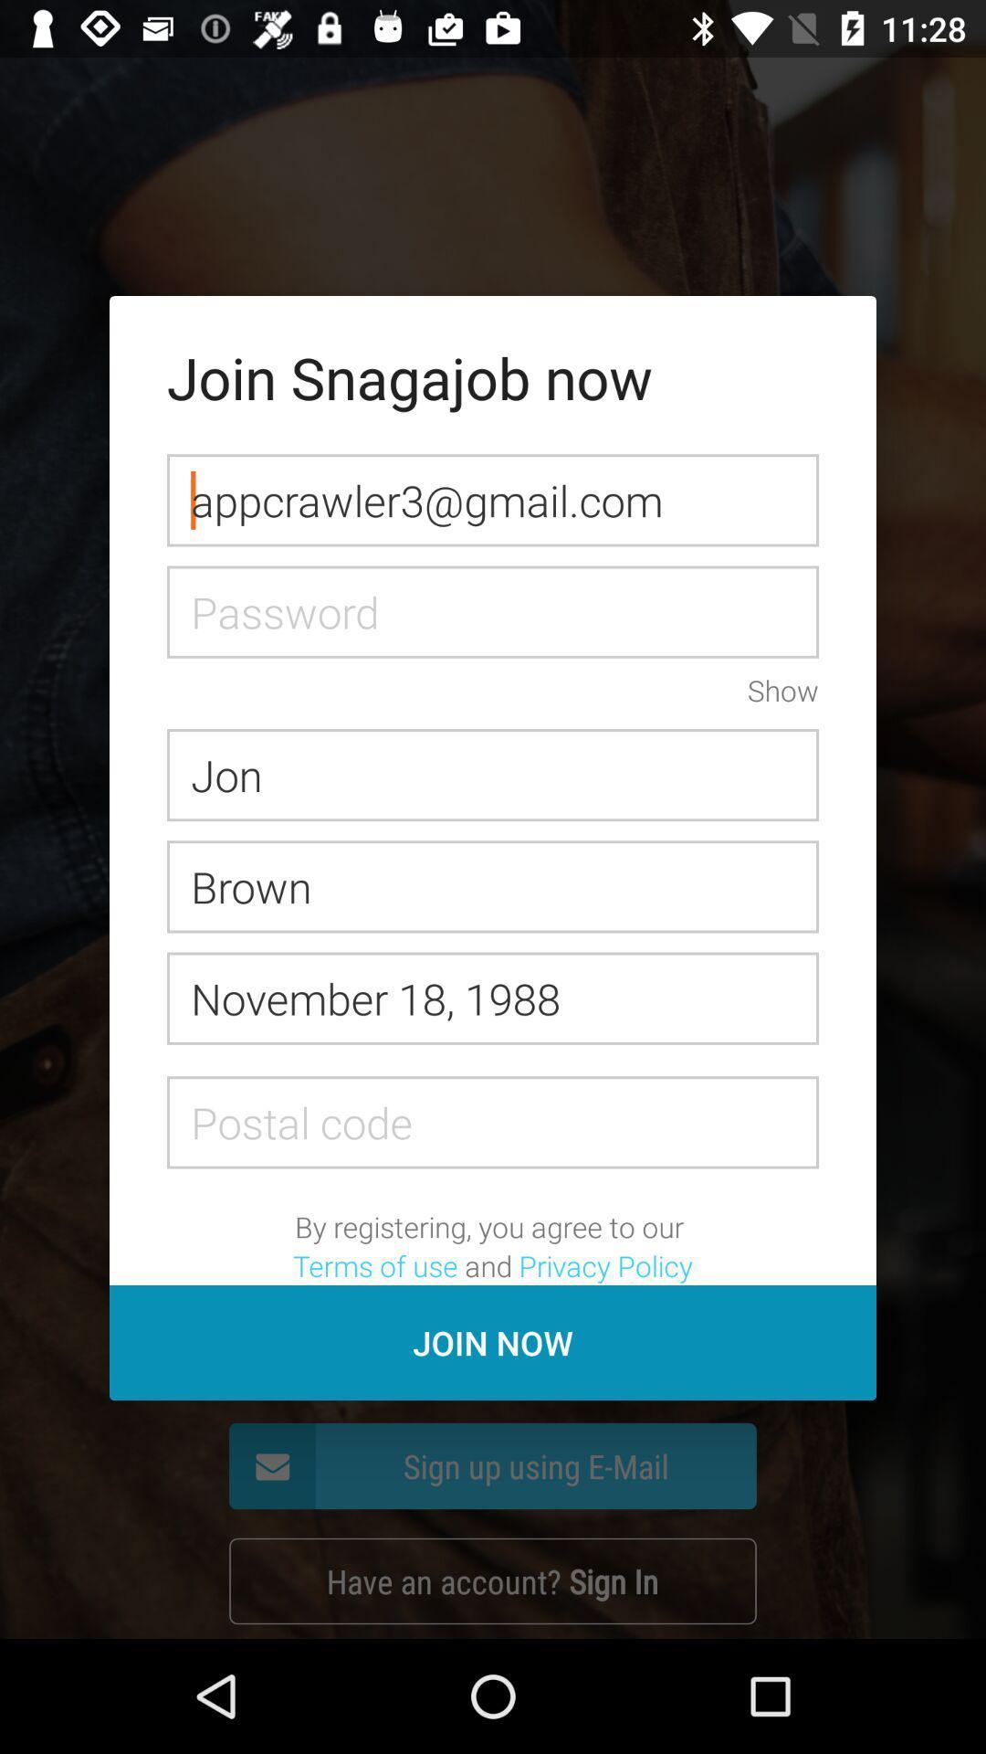 The image size is (986, 1754). Describe the element at coordinates (493, 1121) in the screenshot. I see `change the mnp code mobile no` at that location.